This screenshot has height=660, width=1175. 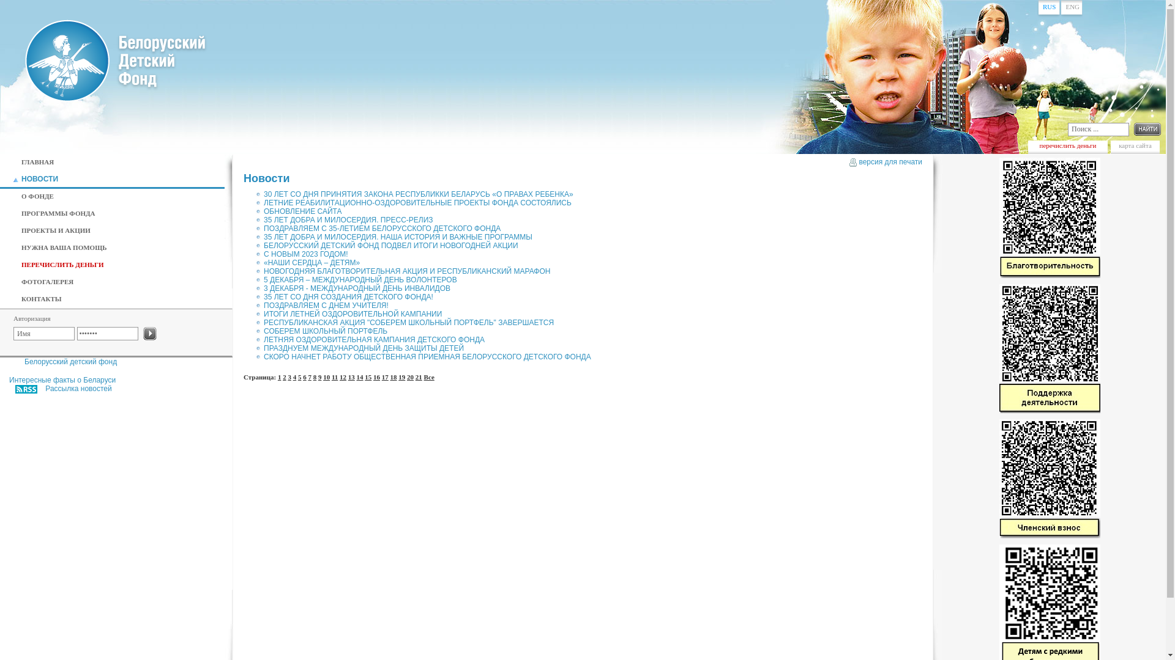 What do you see at coordinates (315, 373) in the screenshot?
I see `'8'` at bounding box center [315, 373].